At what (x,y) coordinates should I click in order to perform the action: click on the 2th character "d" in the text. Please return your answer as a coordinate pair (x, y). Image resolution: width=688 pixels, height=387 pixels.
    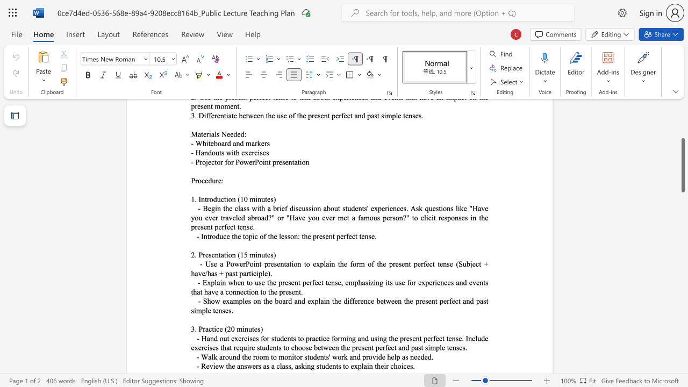
    Looking at the image, I should click on (359, 357).